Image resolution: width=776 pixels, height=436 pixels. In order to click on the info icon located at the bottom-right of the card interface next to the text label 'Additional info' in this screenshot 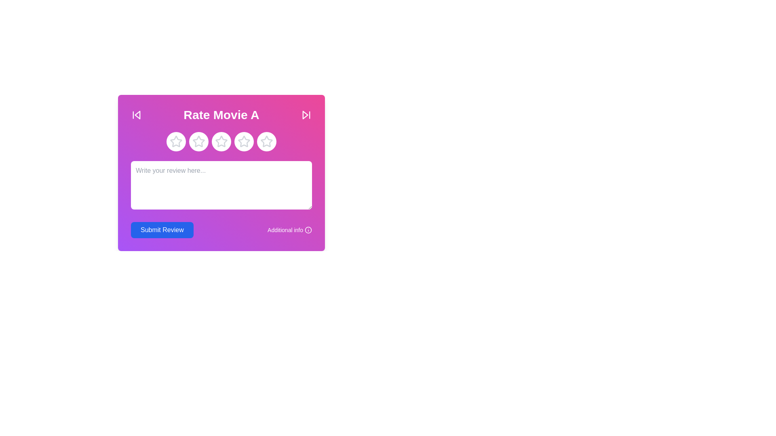, I will do `click(308, 230)`.